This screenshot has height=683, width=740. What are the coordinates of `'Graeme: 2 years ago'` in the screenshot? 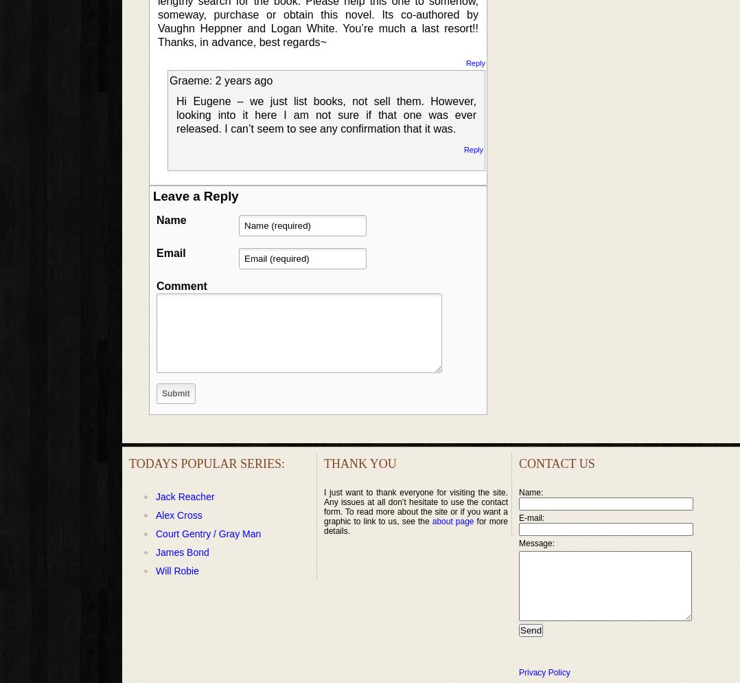 It's located at (168, 80).